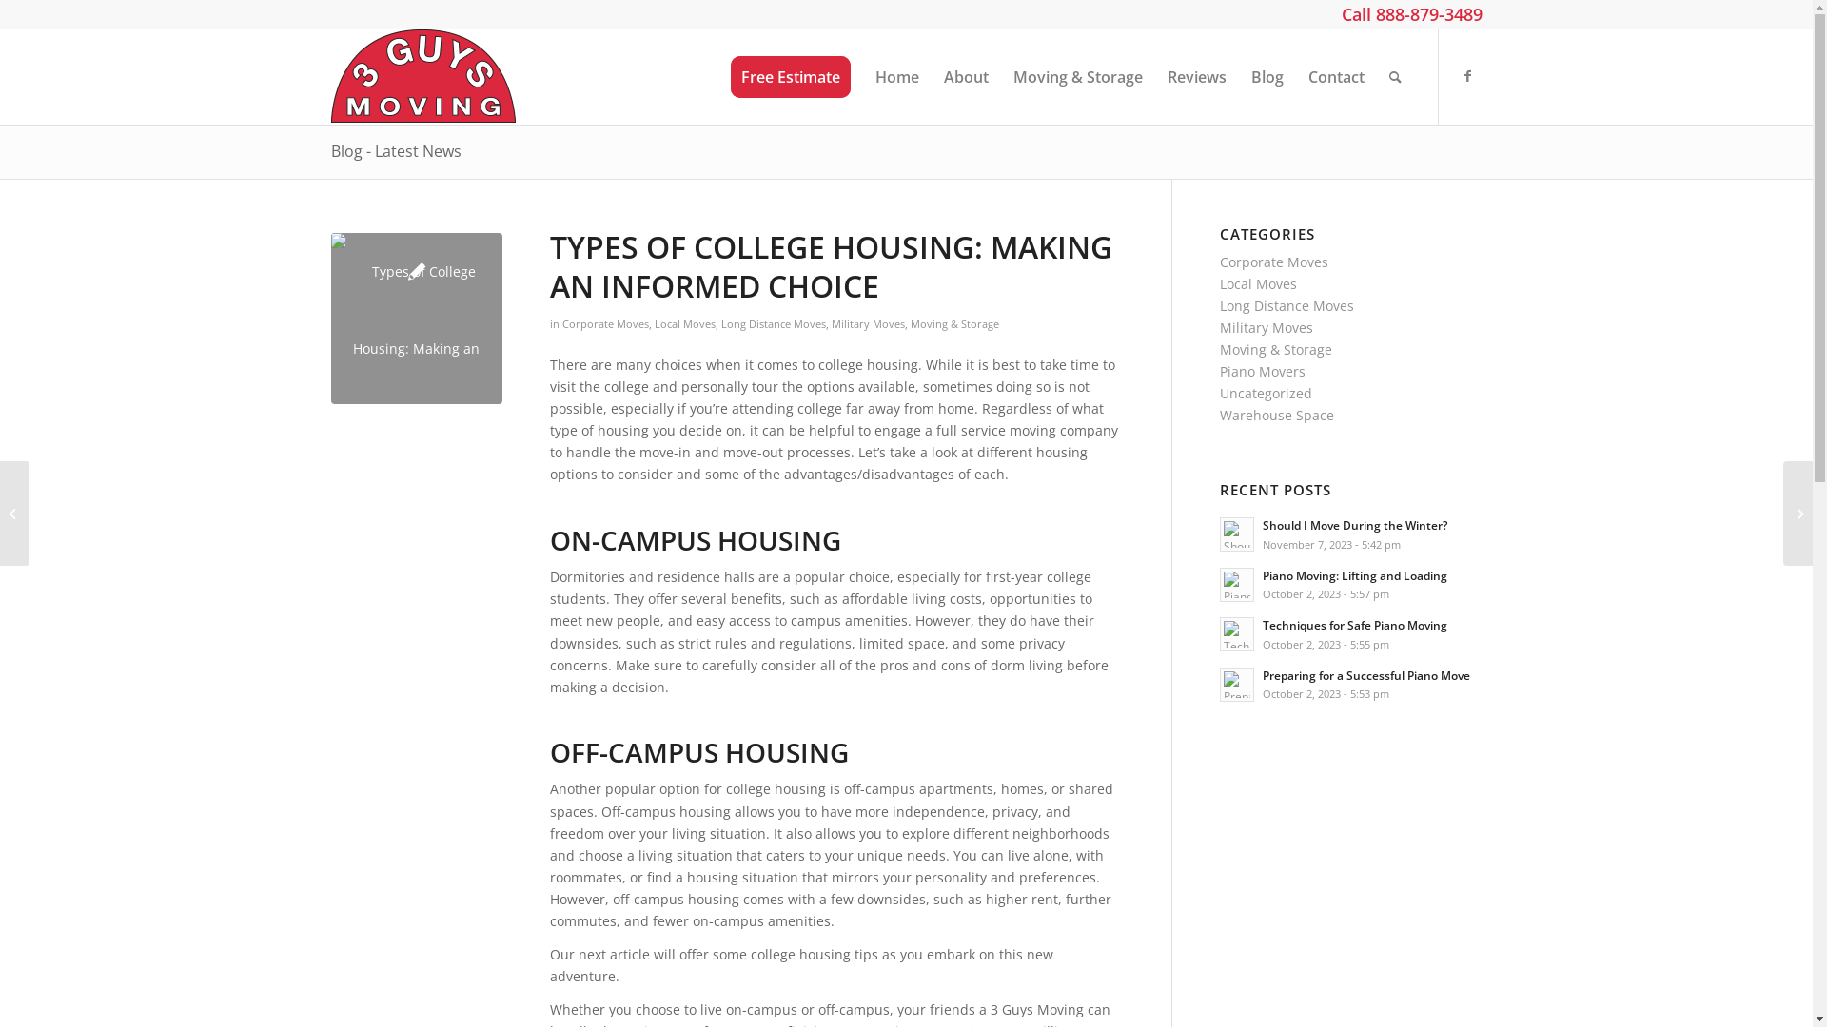 This screenshot has width=1827, height=1027. I want to click on 'Read: Piano Moving: Lifting and Loading', so click(1237, 583).